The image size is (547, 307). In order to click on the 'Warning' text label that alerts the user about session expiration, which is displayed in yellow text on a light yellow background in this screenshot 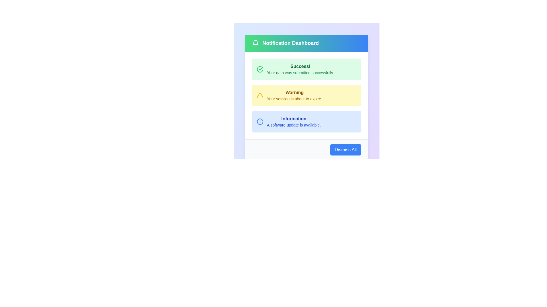, I will do `click(295, 95)`.